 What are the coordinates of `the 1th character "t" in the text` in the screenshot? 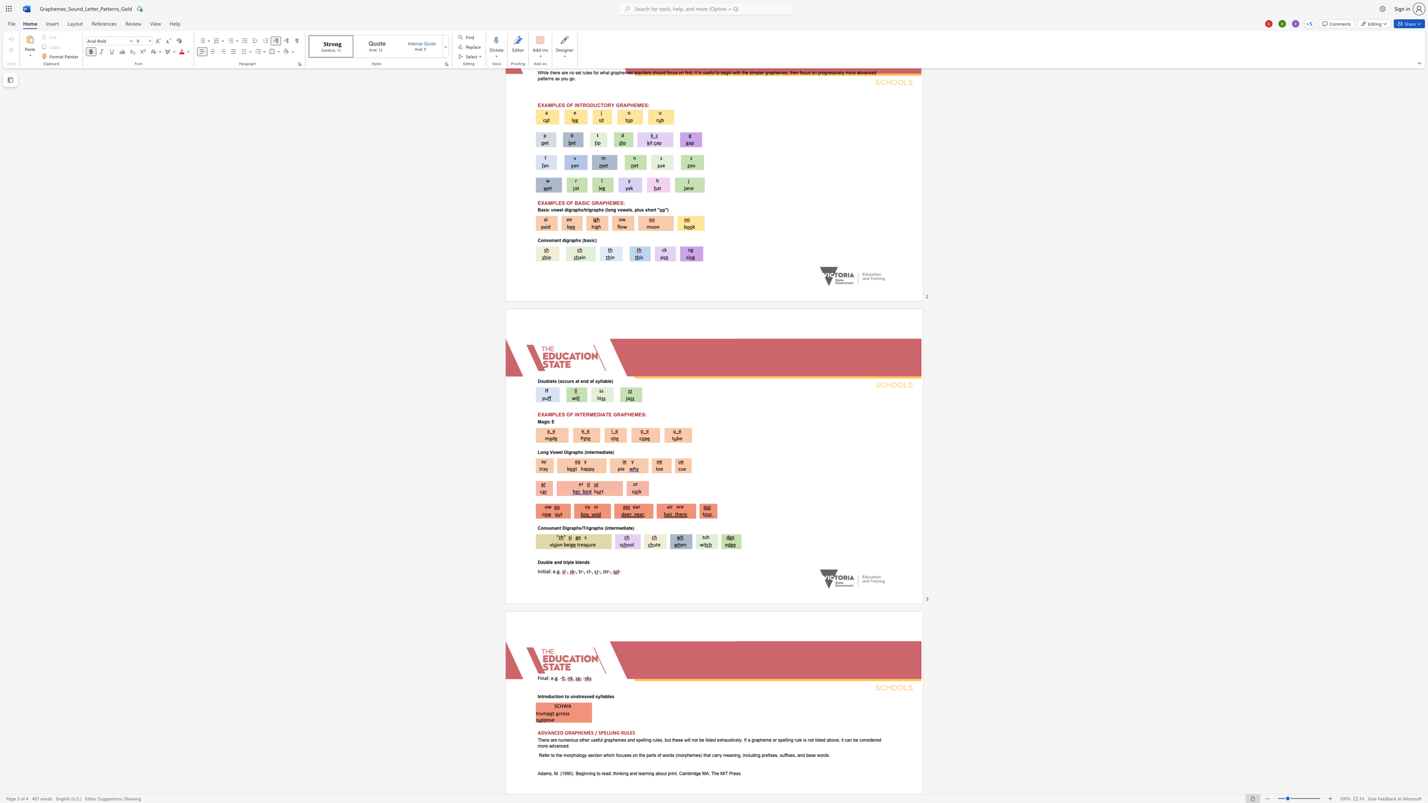 It's located at (579, 571).